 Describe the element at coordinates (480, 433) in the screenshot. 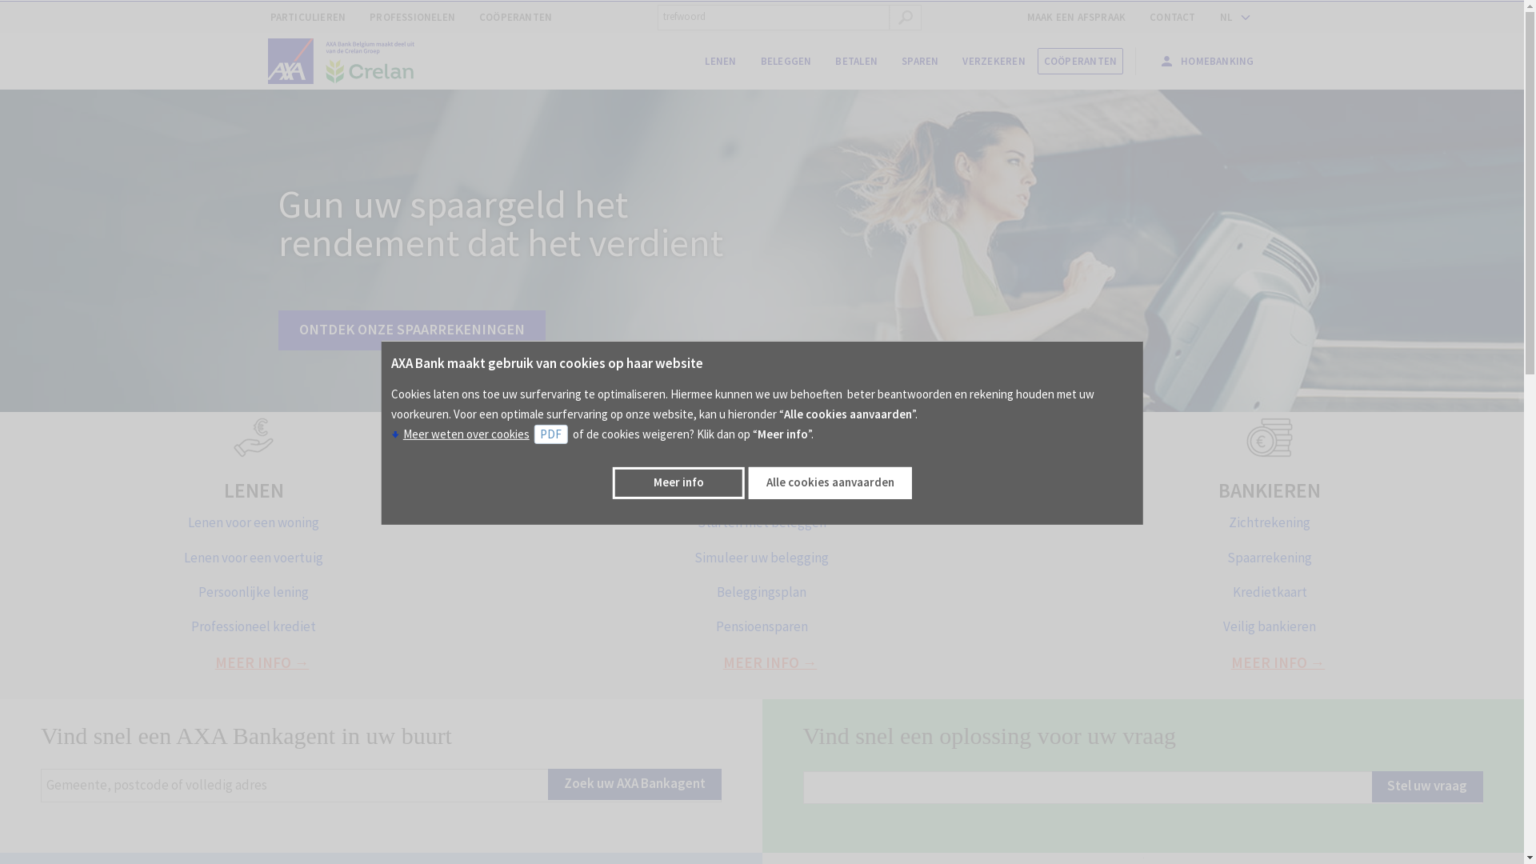

I see `'Meer weten over cookiesPDF'` at that location.